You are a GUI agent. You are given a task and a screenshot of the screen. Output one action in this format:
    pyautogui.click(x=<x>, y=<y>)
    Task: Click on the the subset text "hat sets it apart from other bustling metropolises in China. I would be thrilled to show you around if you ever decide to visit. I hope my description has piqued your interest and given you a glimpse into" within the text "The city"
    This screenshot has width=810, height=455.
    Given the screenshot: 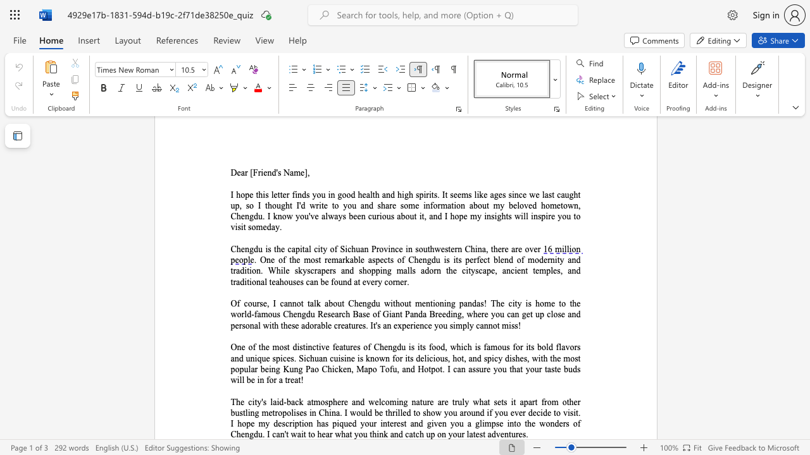 What is the action you would take?
    pyautogui.click(x=478, y=402)
    